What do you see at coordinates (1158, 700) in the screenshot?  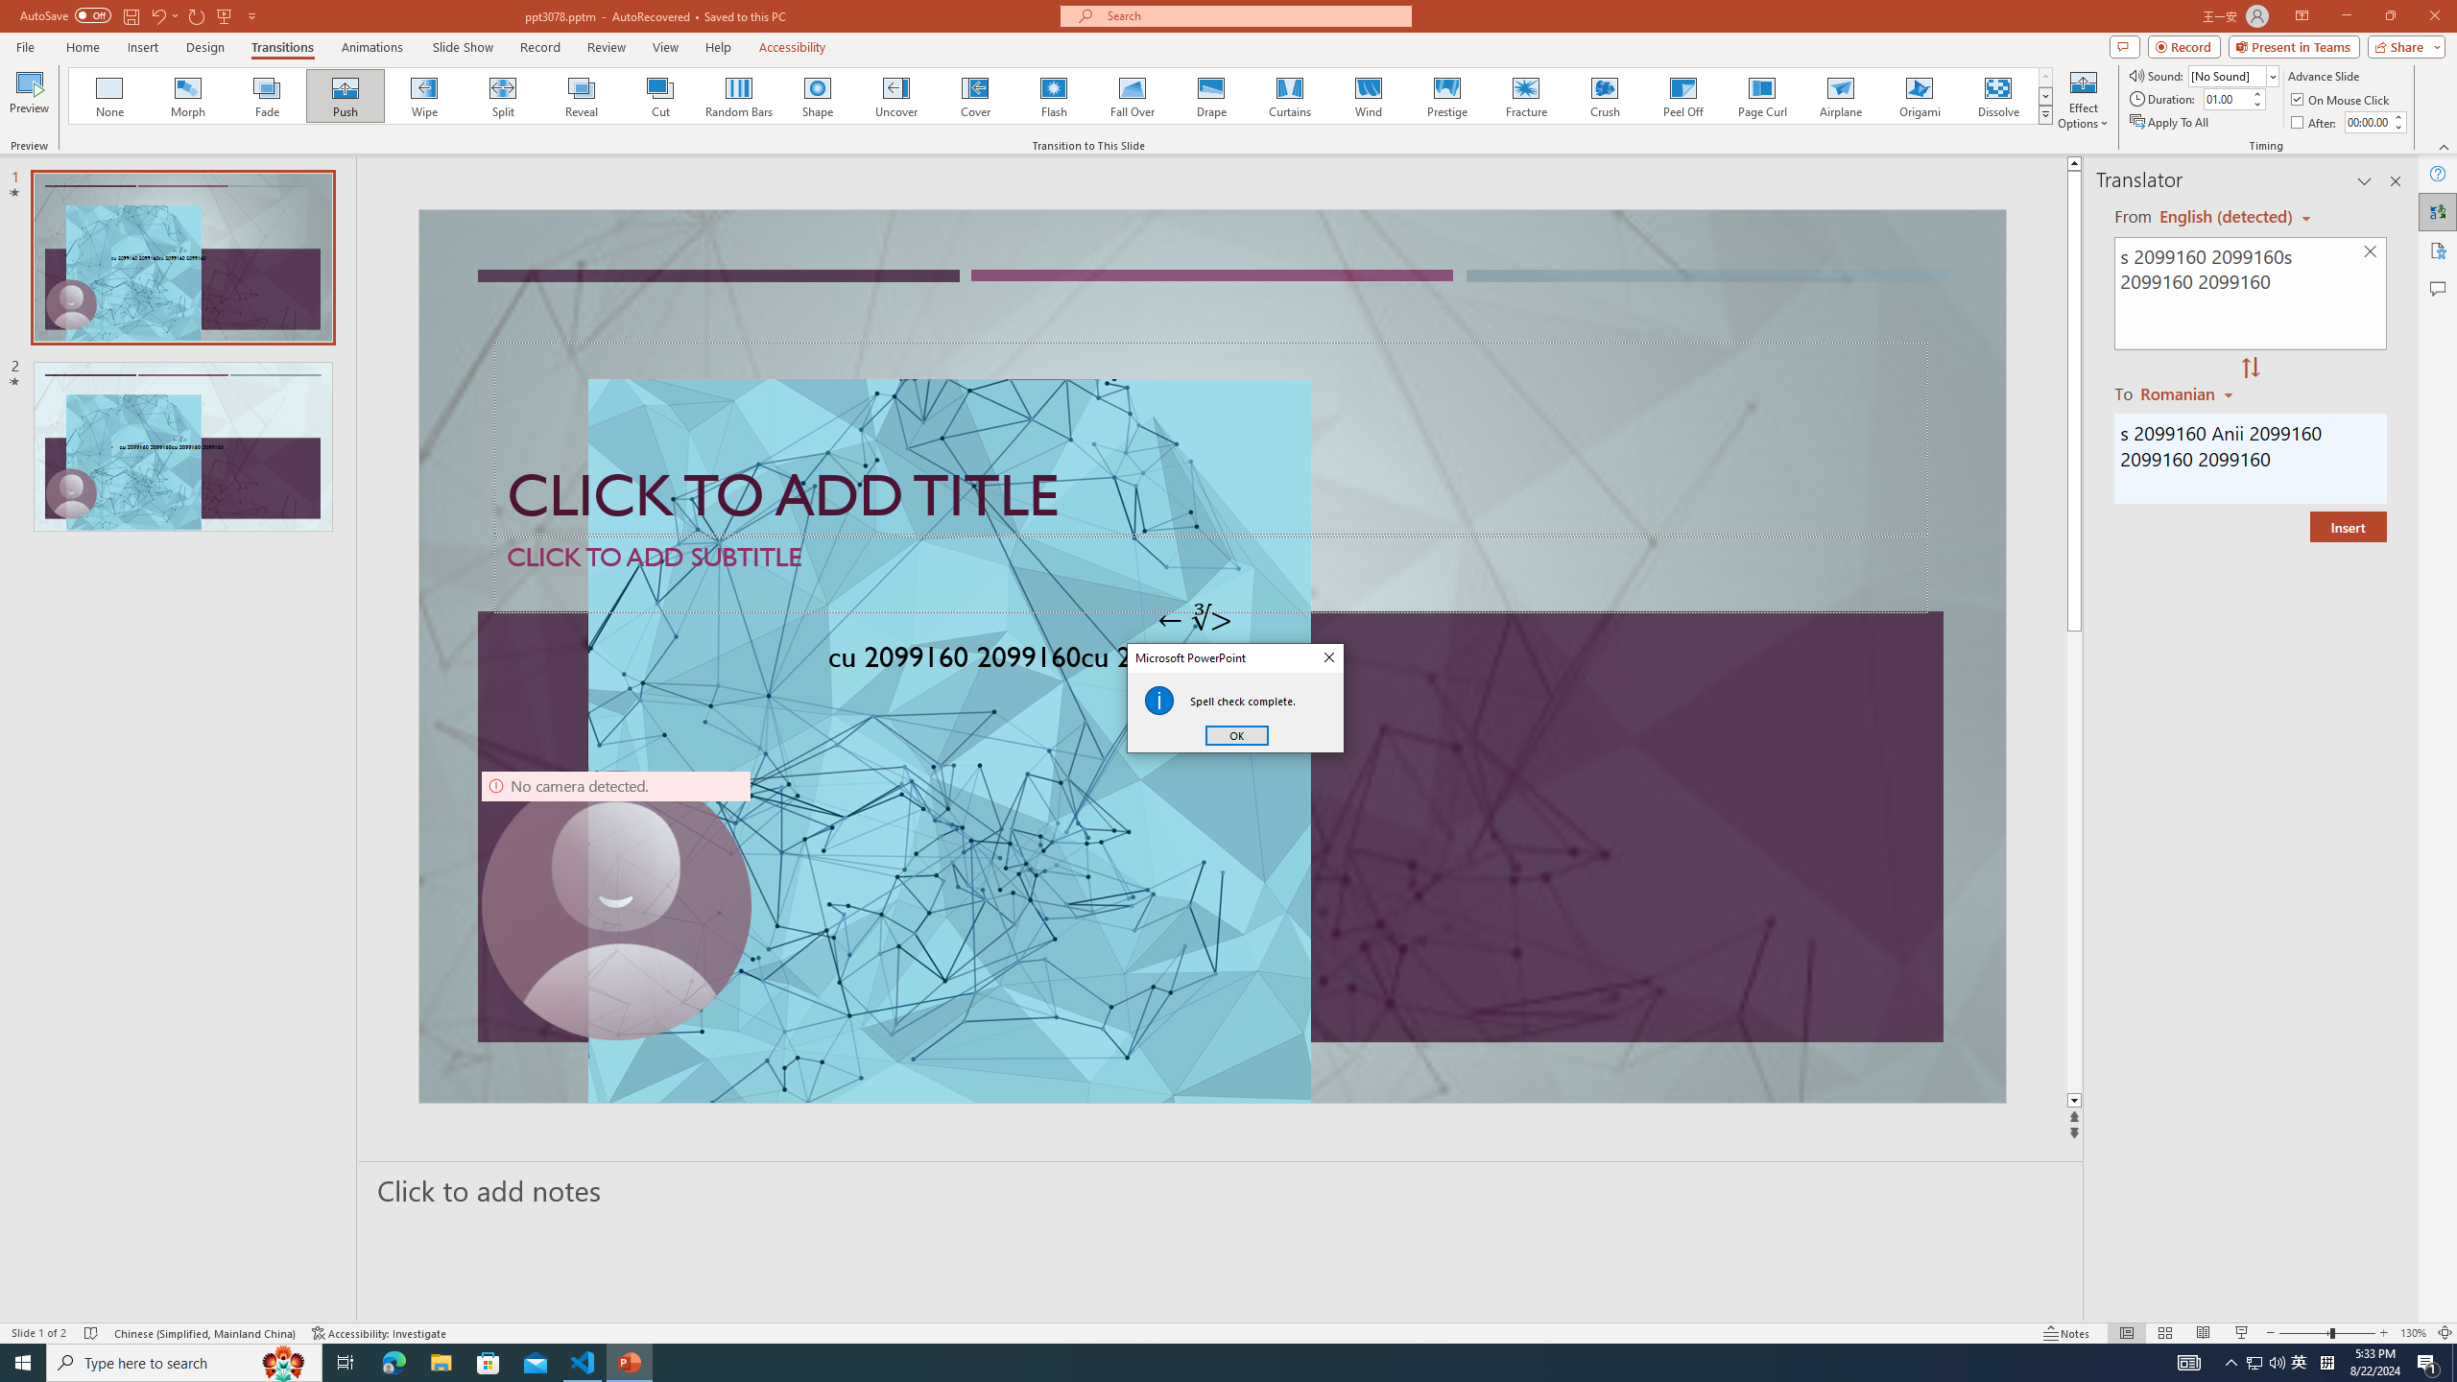 I see `'Class: Static'` at bounding box center [1158, 700].